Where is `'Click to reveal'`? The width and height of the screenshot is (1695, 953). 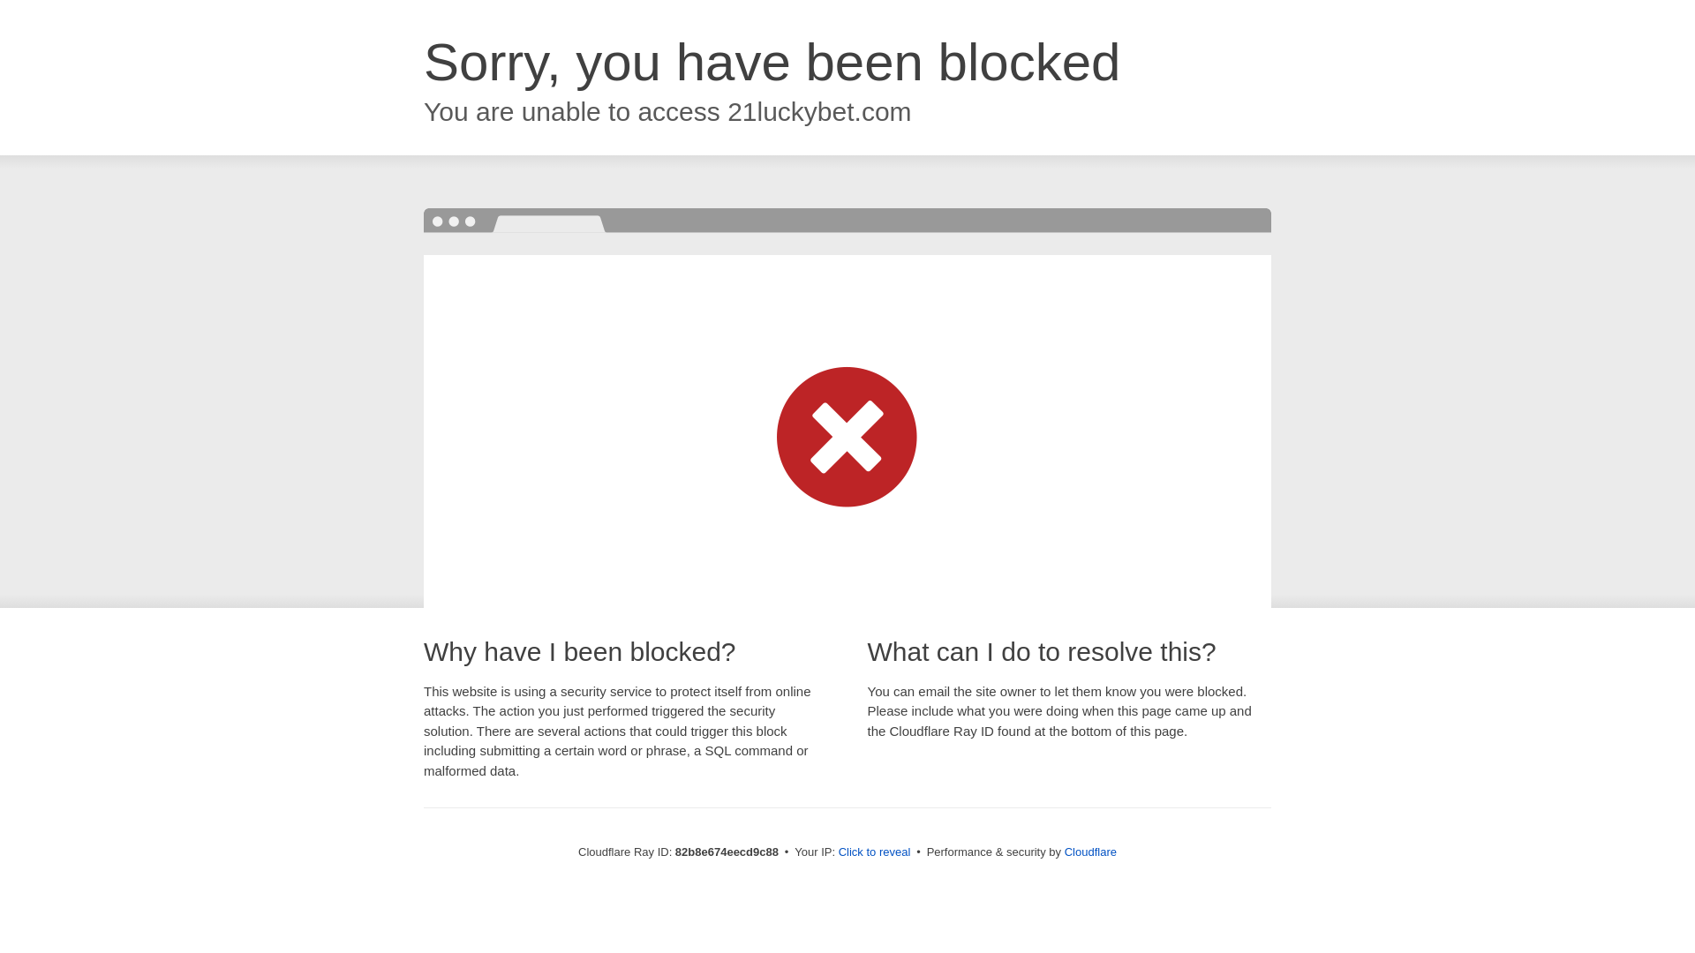 'Click to reveal' is located at coordinates (874, 851).